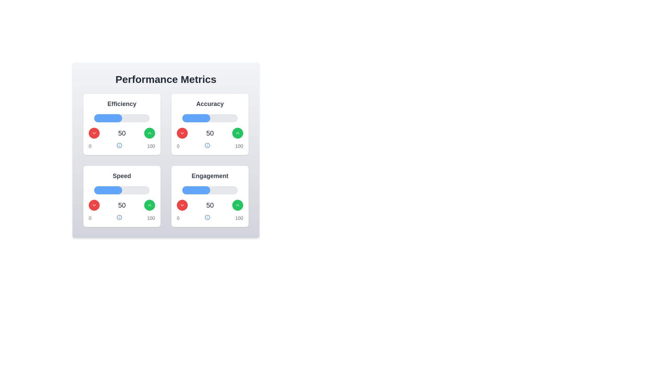 The height and width of the screenshot is (367, 653). What do you see at coordinates (178, 145) in the screenshot?
I see `the small numerical label with the value '0' located at the bottom left of the 'Accuracy' card, which is part of a sequence of indicators under the performance bar` at bounding box center [178, 145].